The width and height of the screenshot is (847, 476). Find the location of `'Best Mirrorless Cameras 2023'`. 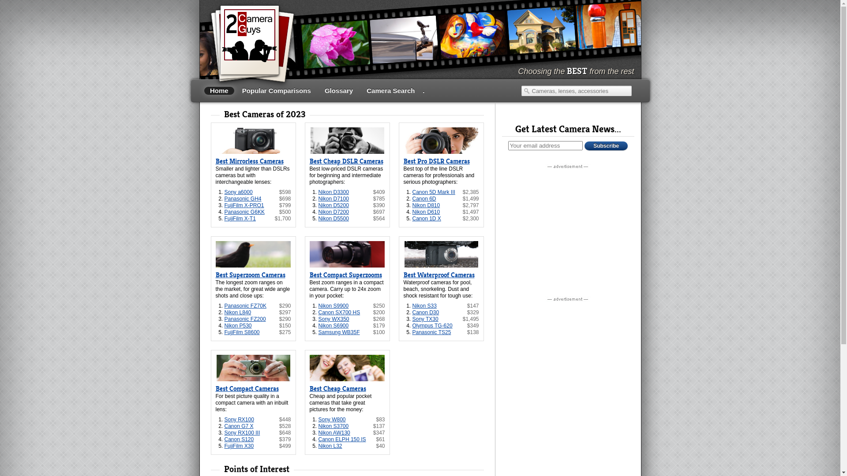

'Best Mirrorless Cameras 2023' is located at coordinates (252, 140).